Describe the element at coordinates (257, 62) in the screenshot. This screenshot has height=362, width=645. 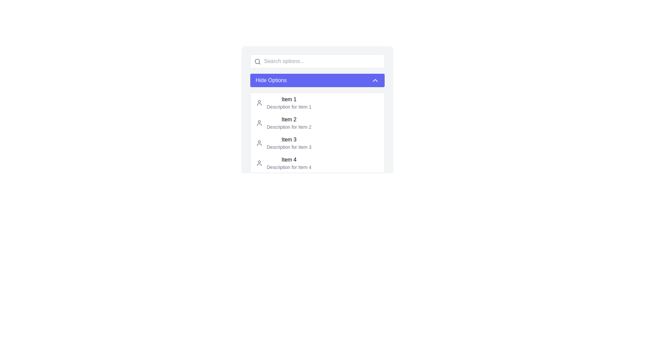
I see `the search icon, represented by a gray magnifying glass located inside the search input field to the left of the placeholder text 'Search options...'` at that location.